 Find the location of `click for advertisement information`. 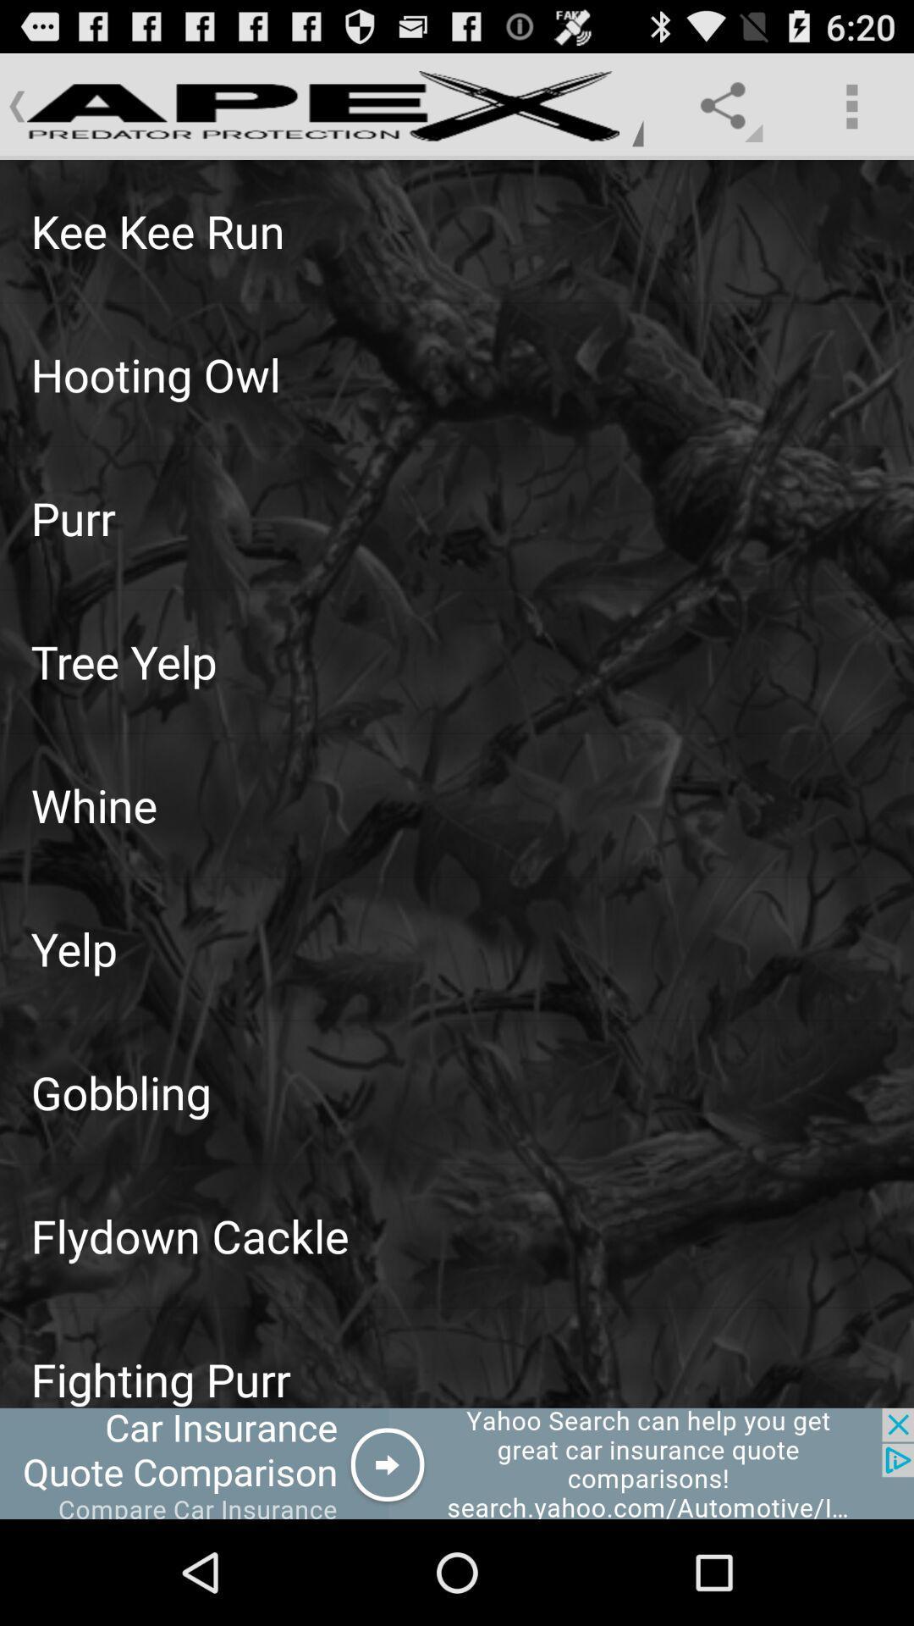

click for advertisement information is located at coordinates (457, 1463).